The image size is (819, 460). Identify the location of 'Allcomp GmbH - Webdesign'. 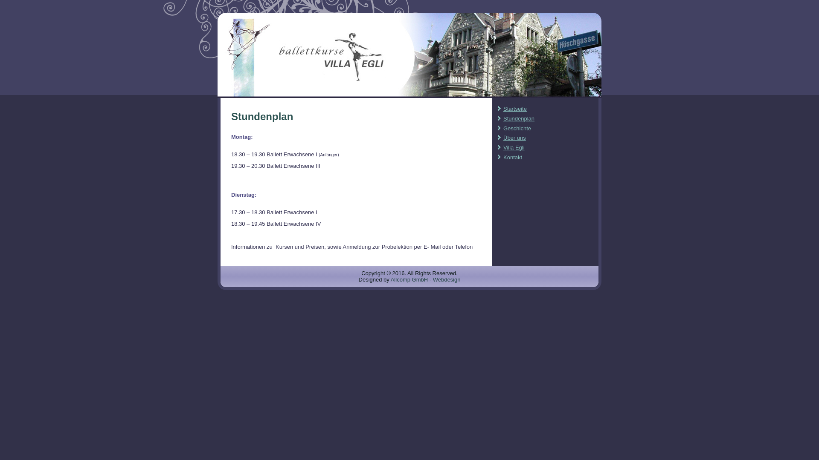
(426, 279).